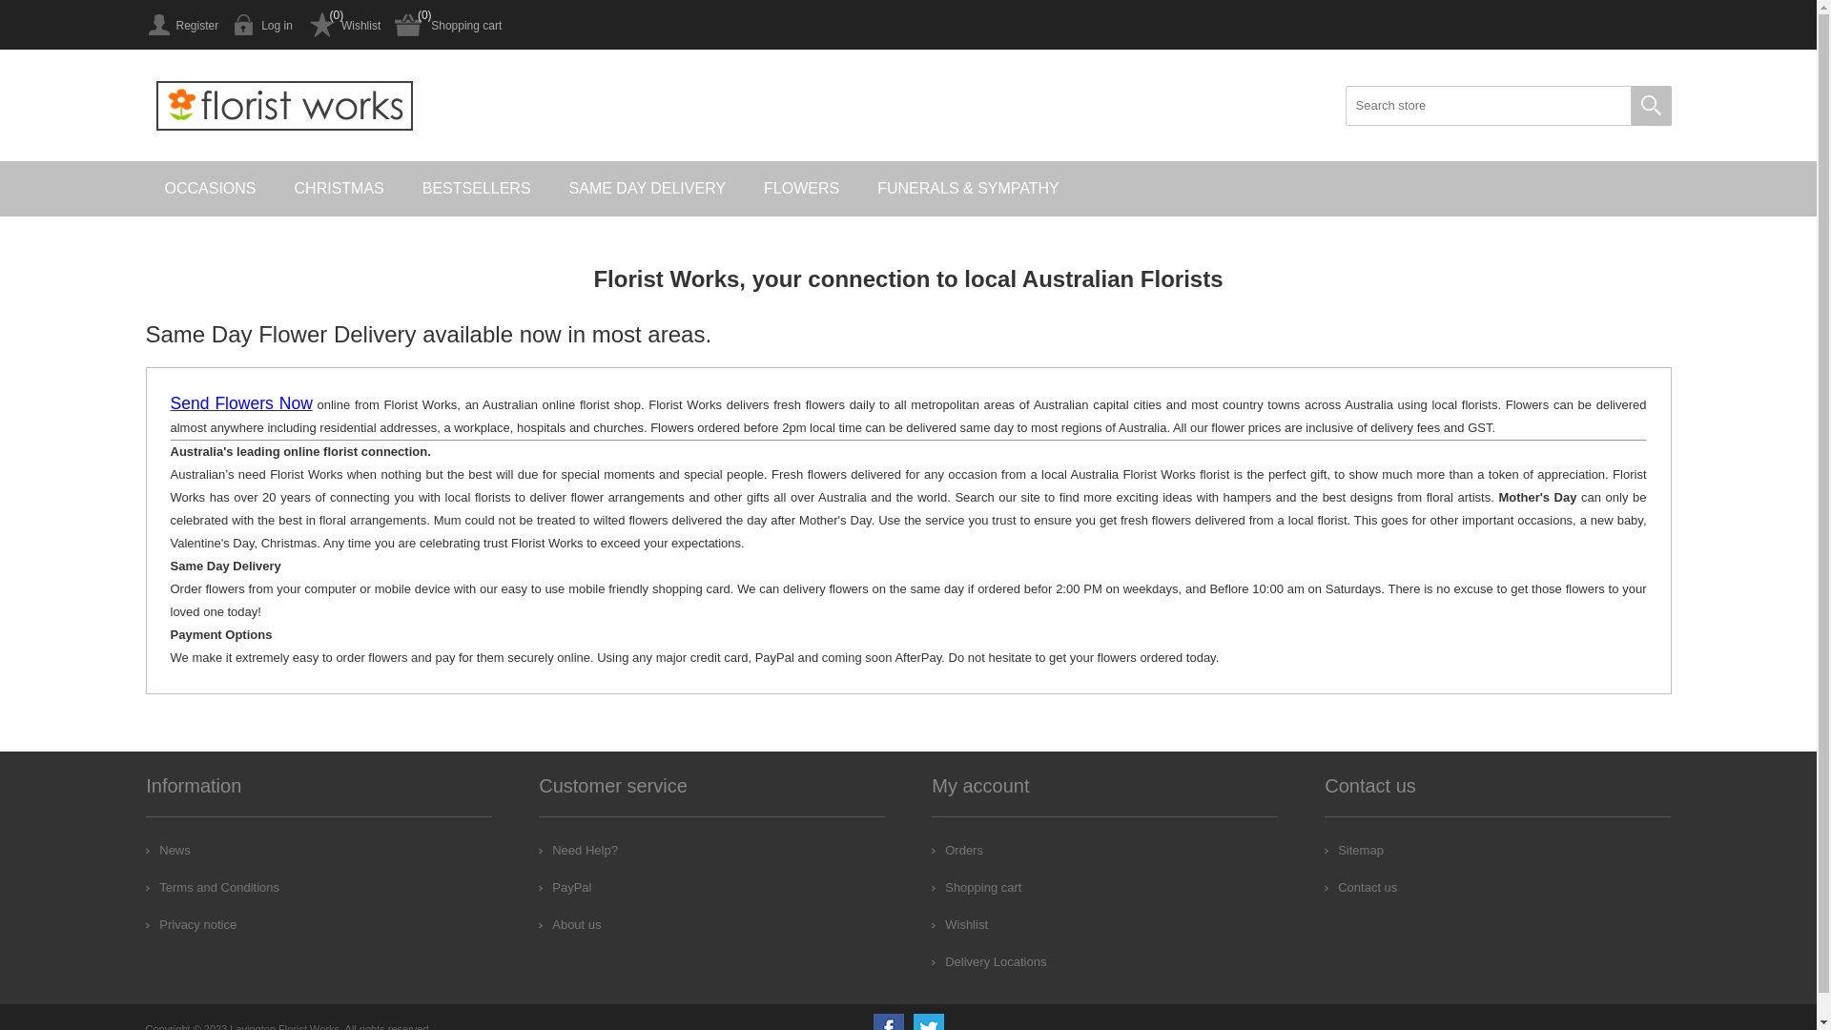 This screenshot has width=1831, height=1030. I want to click on 'Wishlist', so click(343, 25).